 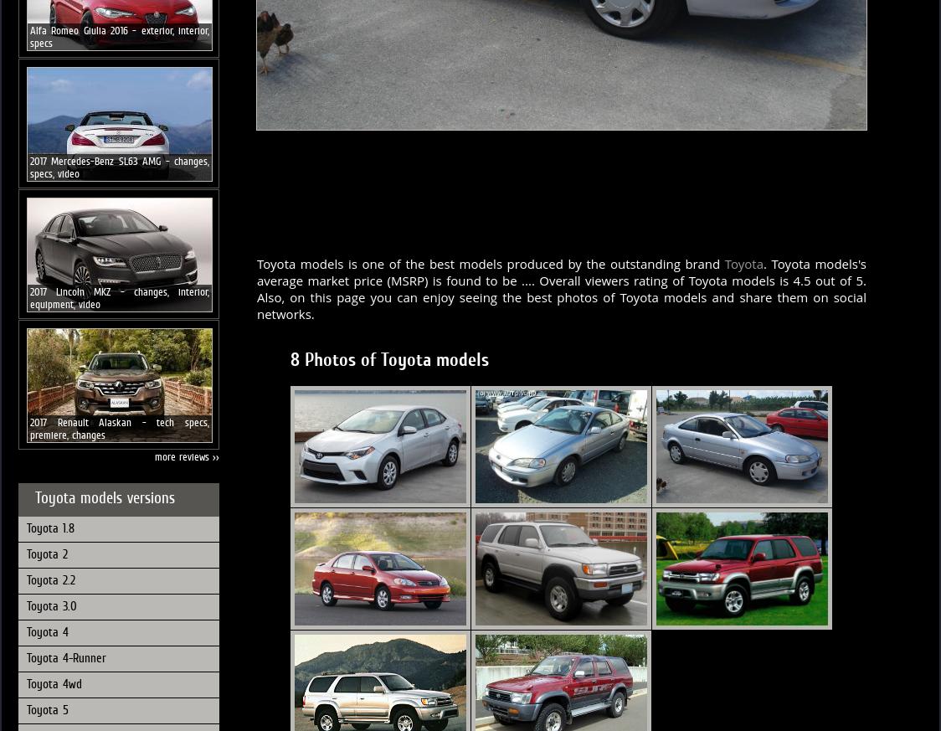 I want to click on 'Toyota 4wd', so click(x=53, y=682).